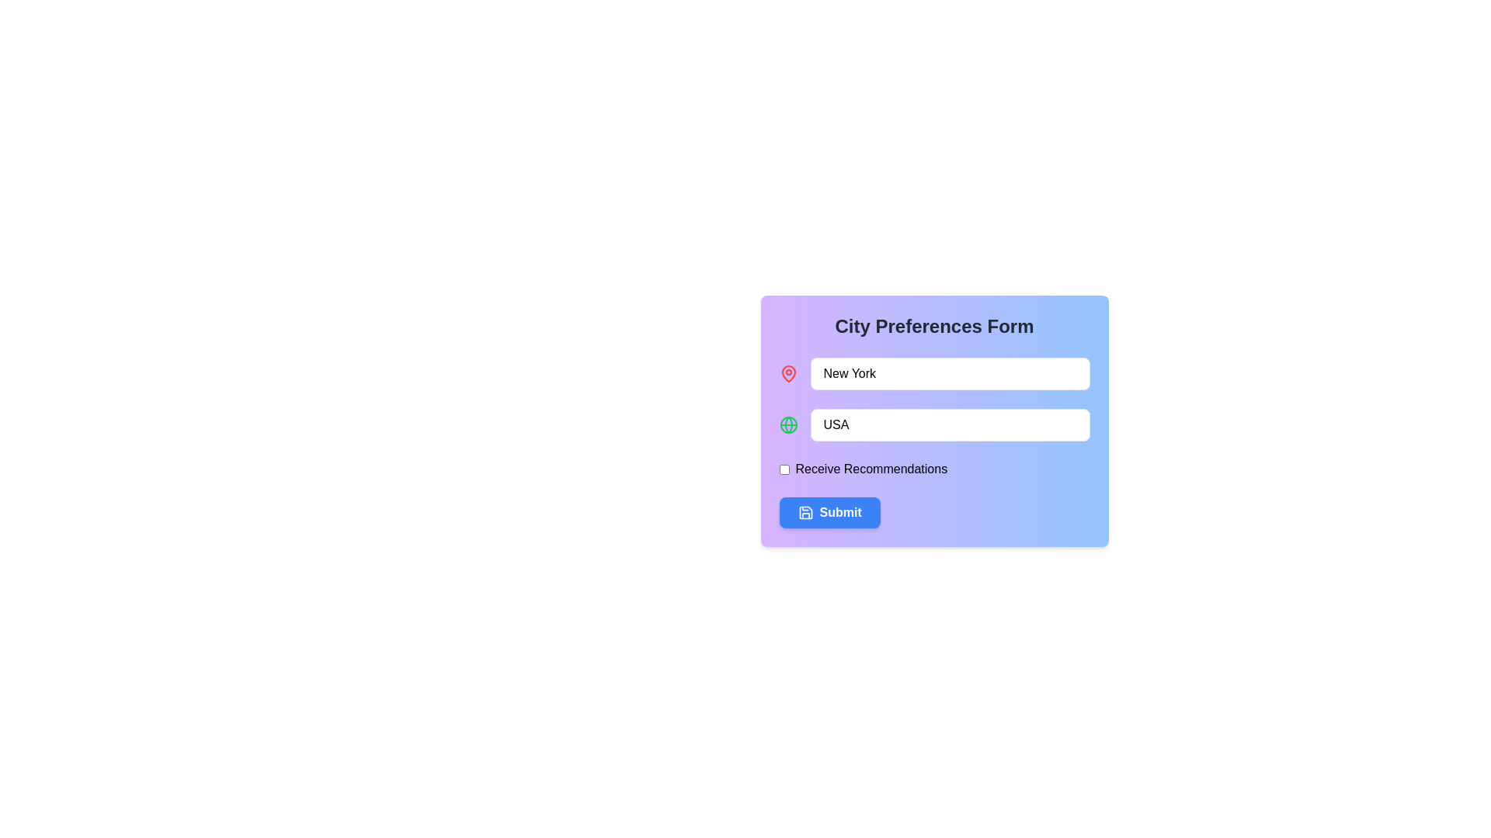 Image resolution: width=1491 pixels, height=838 pixels. Describe the element at coordinates (788, 424) in the screenshot. I see `the decorative icon located to the left of the text input field labeled 'USA'` at that location.